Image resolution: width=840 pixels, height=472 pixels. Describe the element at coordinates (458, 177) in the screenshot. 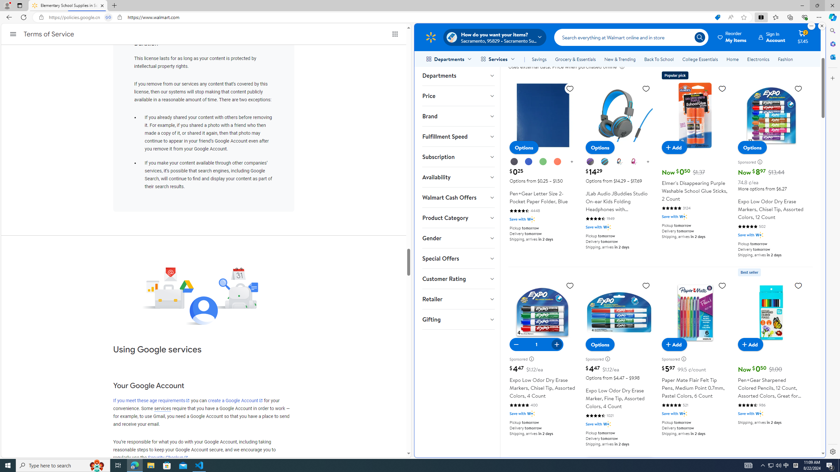

I see `'Availability'` at that location.